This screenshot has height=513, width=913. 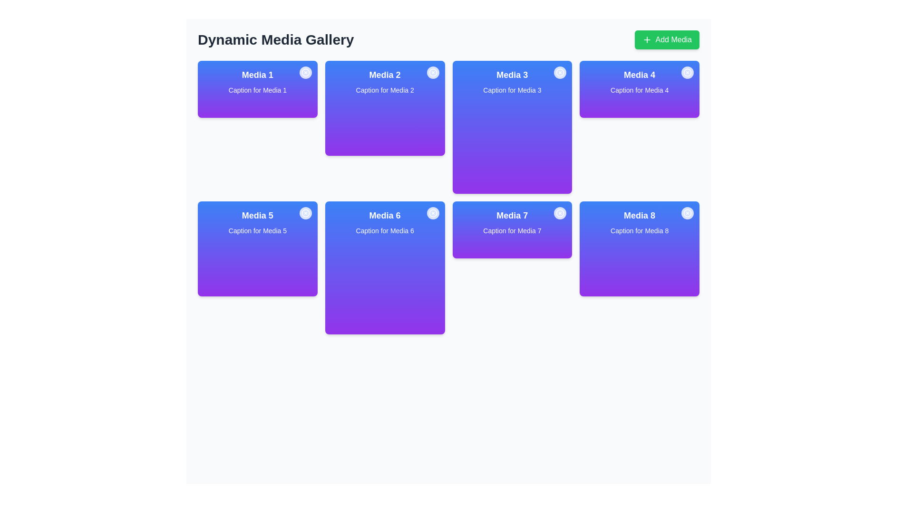 I want to click on the close or delete button located at the top-right corner of the 'Media 3' card, so click(x=560, y=72).